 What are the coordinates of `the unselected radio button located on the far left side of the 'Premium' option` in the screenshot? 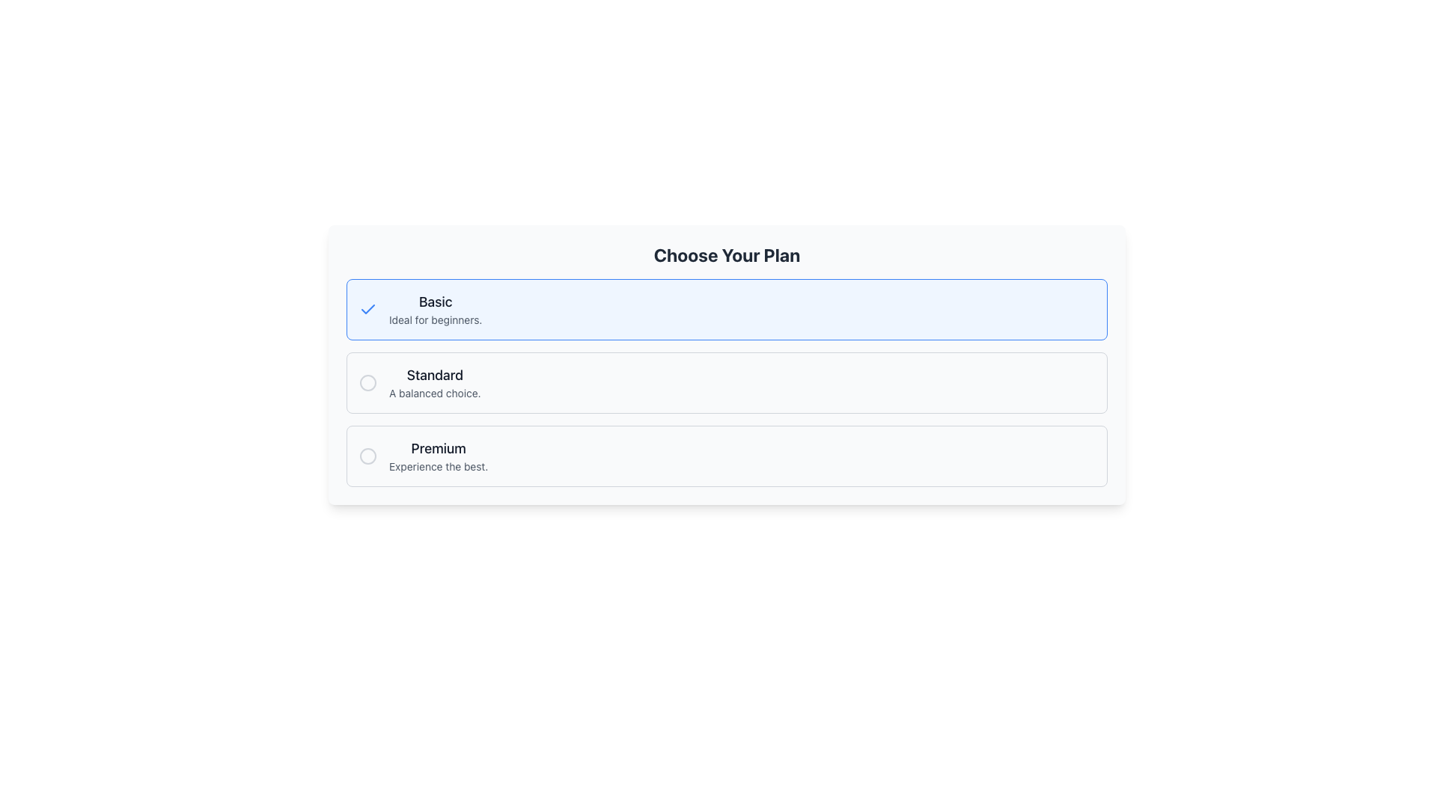 It's located at (367, 455).